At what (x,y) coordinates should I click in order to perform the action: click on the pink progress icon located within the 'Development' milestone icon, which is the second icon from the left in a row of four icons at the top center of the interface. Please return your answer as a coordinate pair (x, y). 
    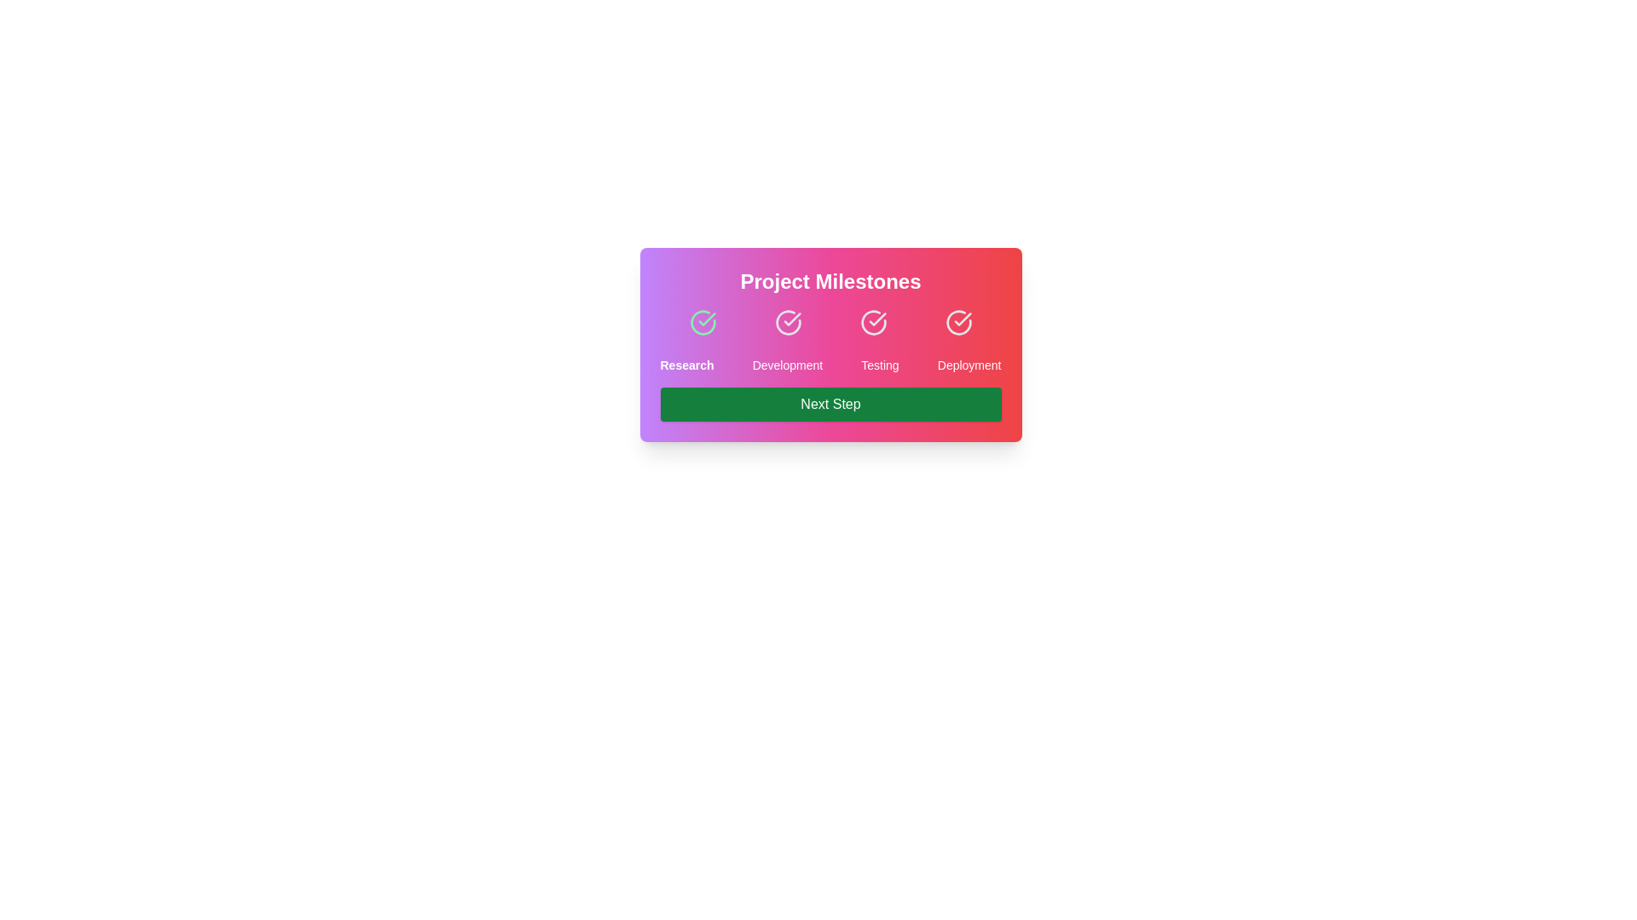
    Looking at the image, I should click on (787, 322).